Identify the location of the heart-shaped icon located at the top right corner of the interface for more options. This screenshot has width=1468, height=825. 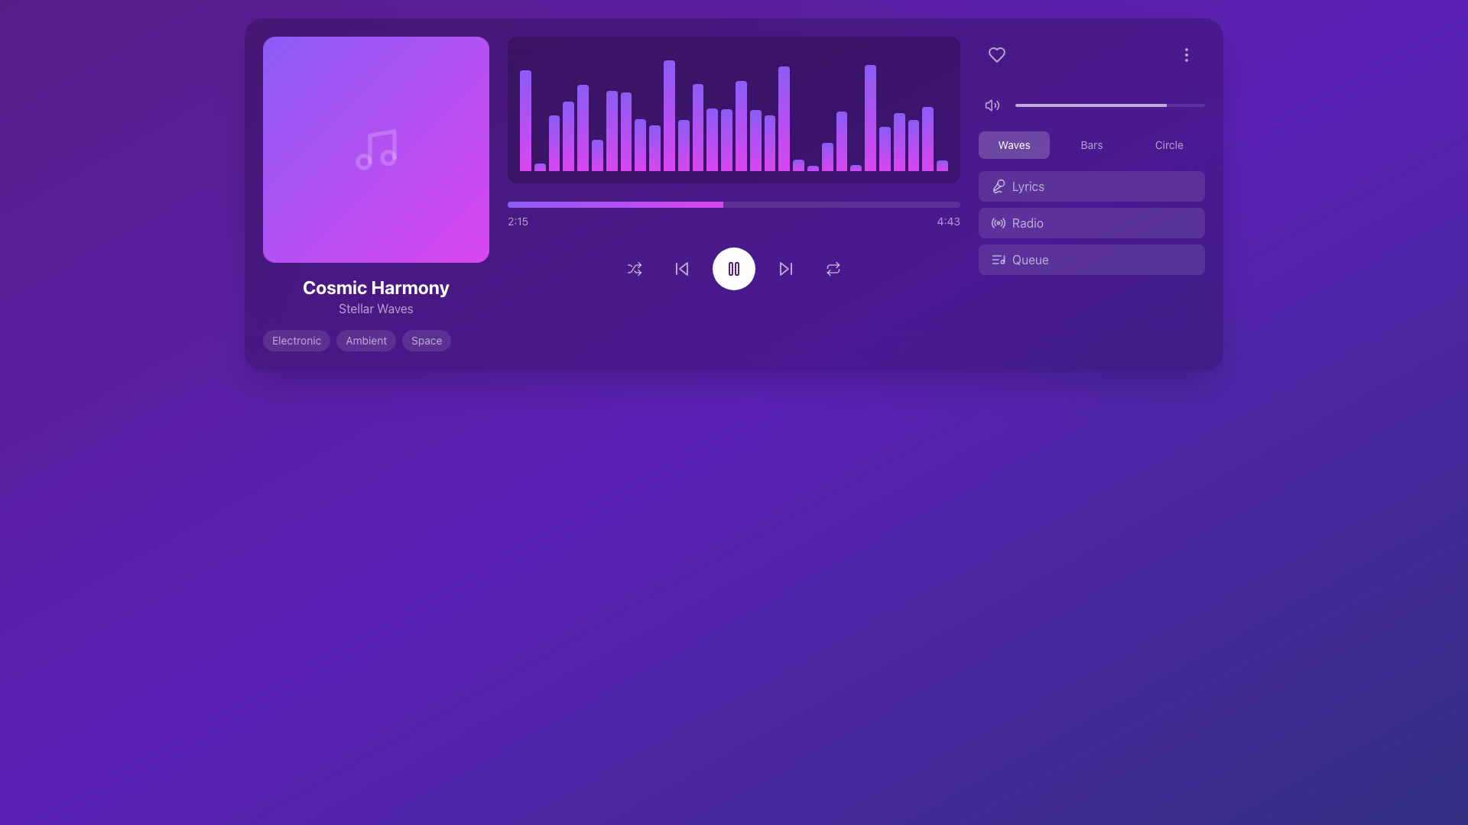
(997, 54).